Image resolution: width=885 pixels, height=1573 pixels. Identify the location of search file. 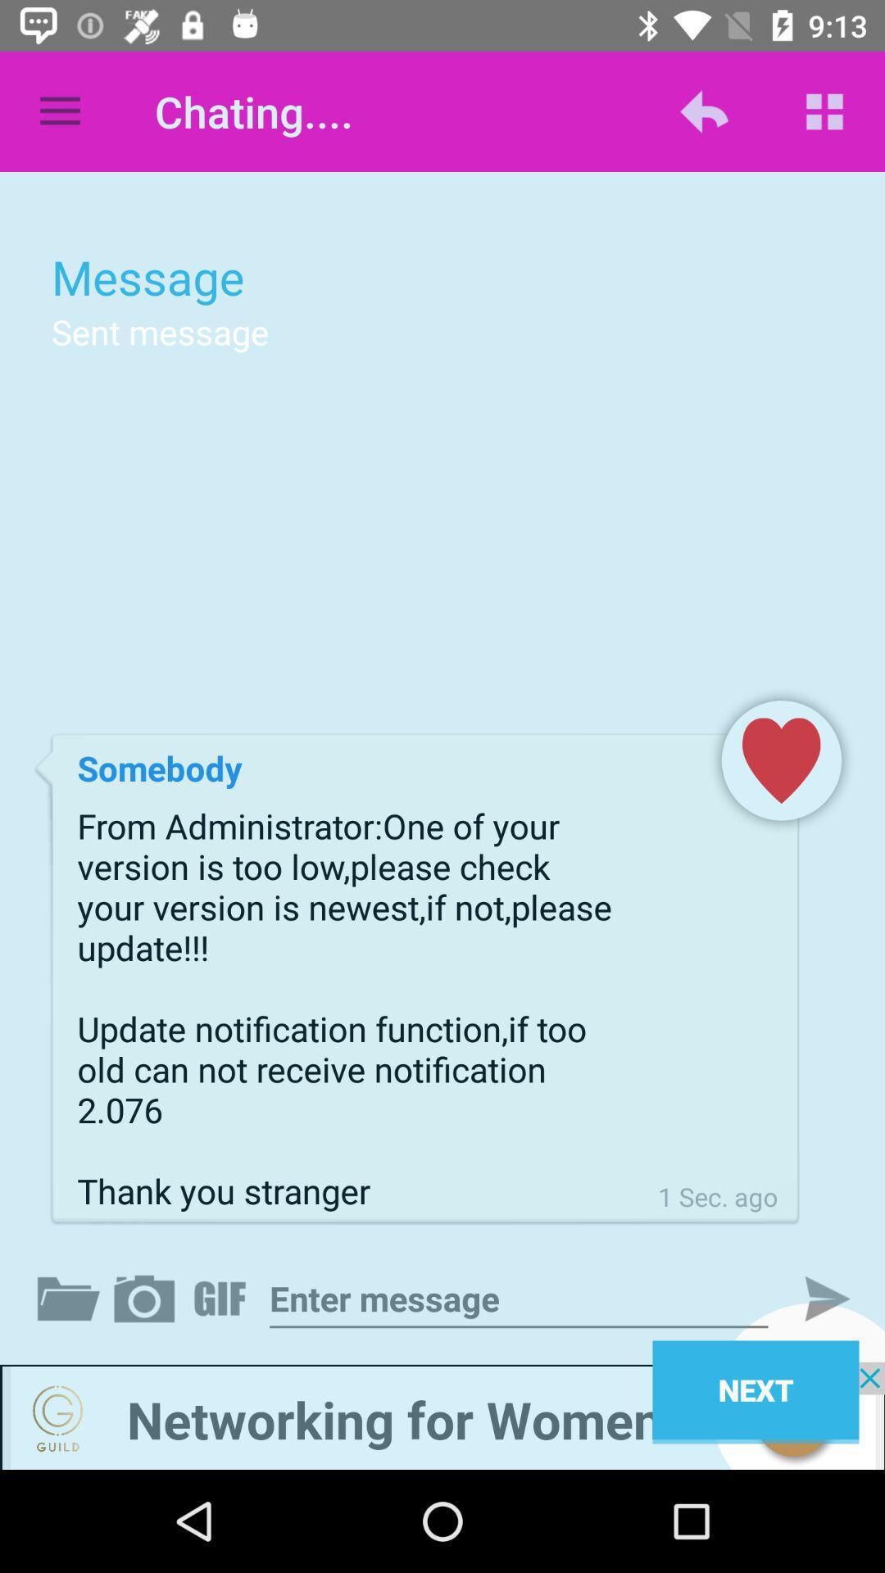
(71, 1298).